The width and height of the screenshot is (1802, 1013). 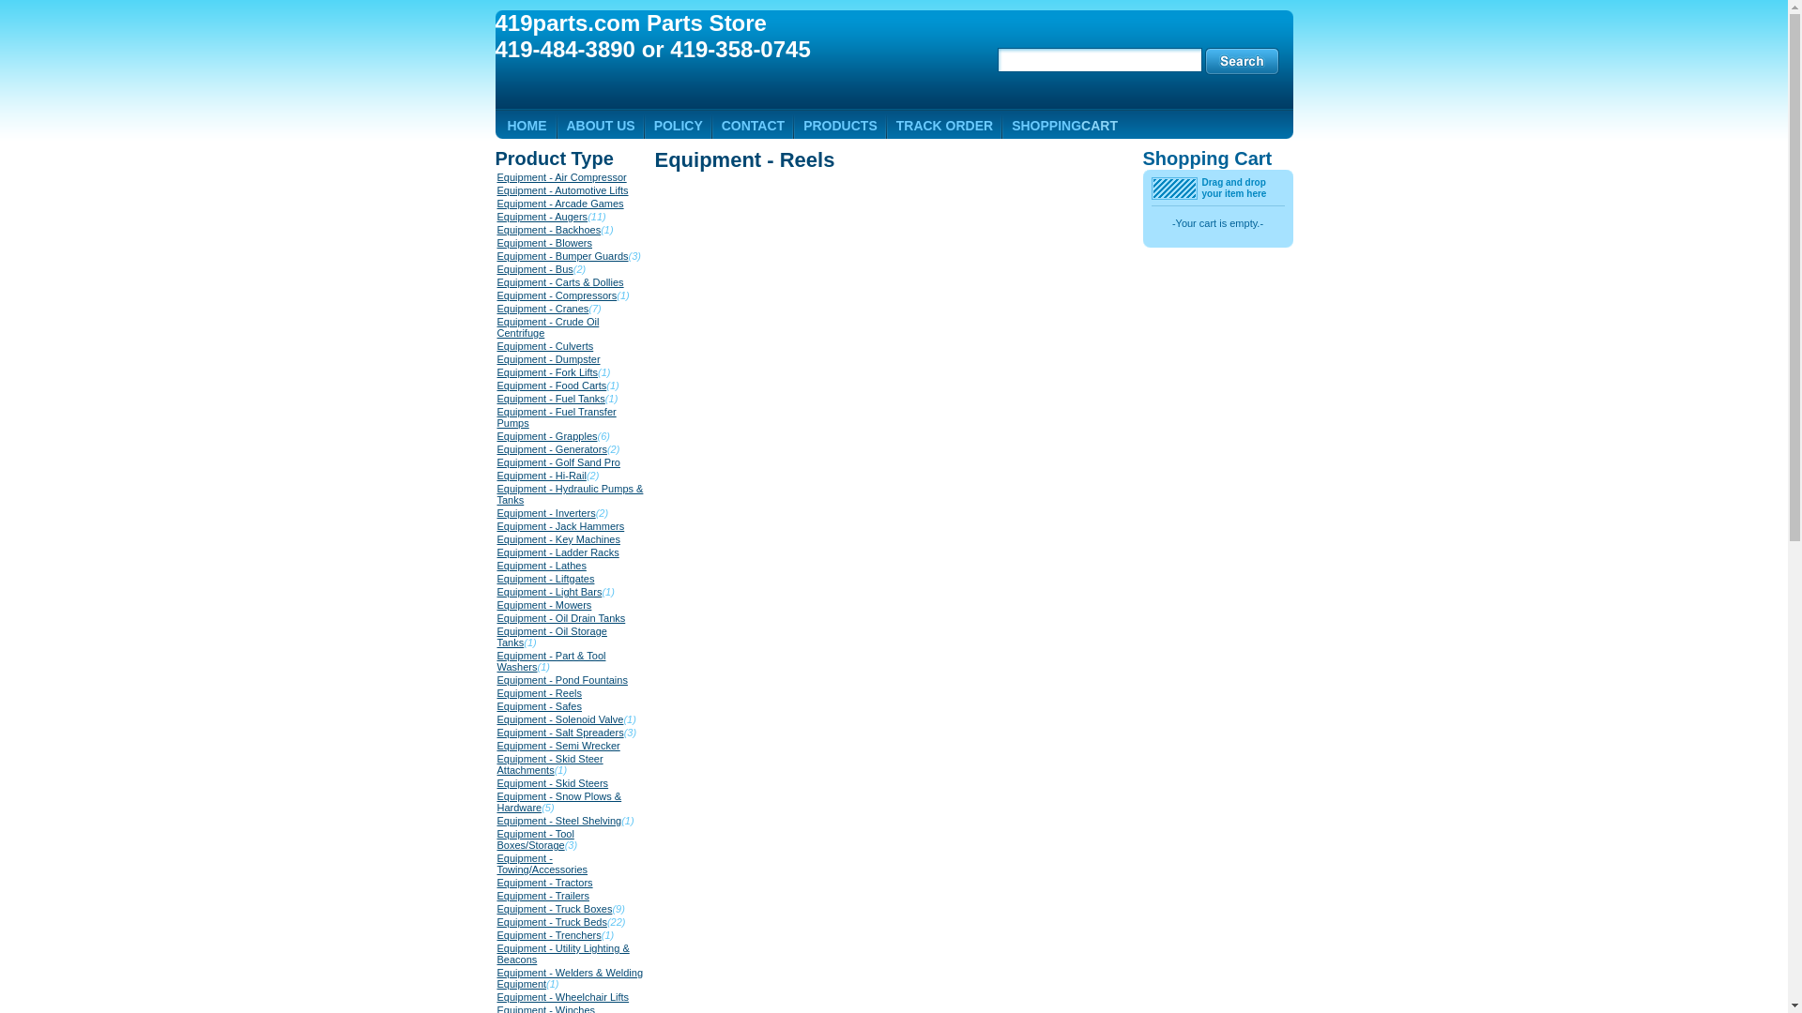 What do you see at coordinates (1064, 126) in the screenshot?
I see `'SHOPPINGCART'` at bounding box center [1064, 126].